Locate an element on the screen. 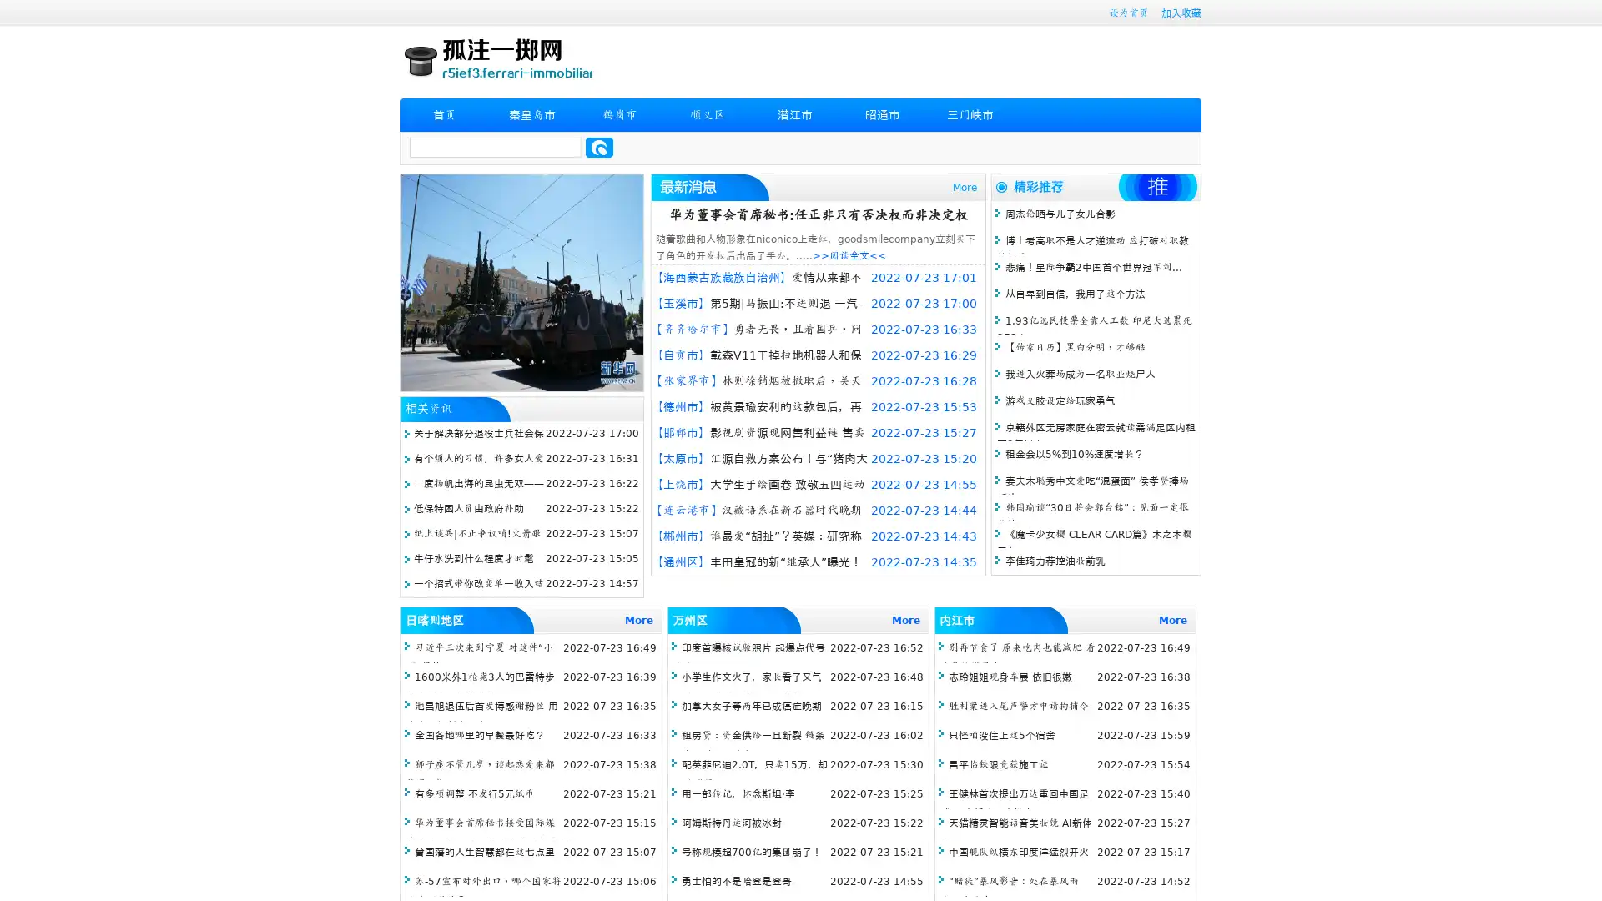 The height and width of the screenshot is (901, 1602). Search is located at coordinates (599, 147).